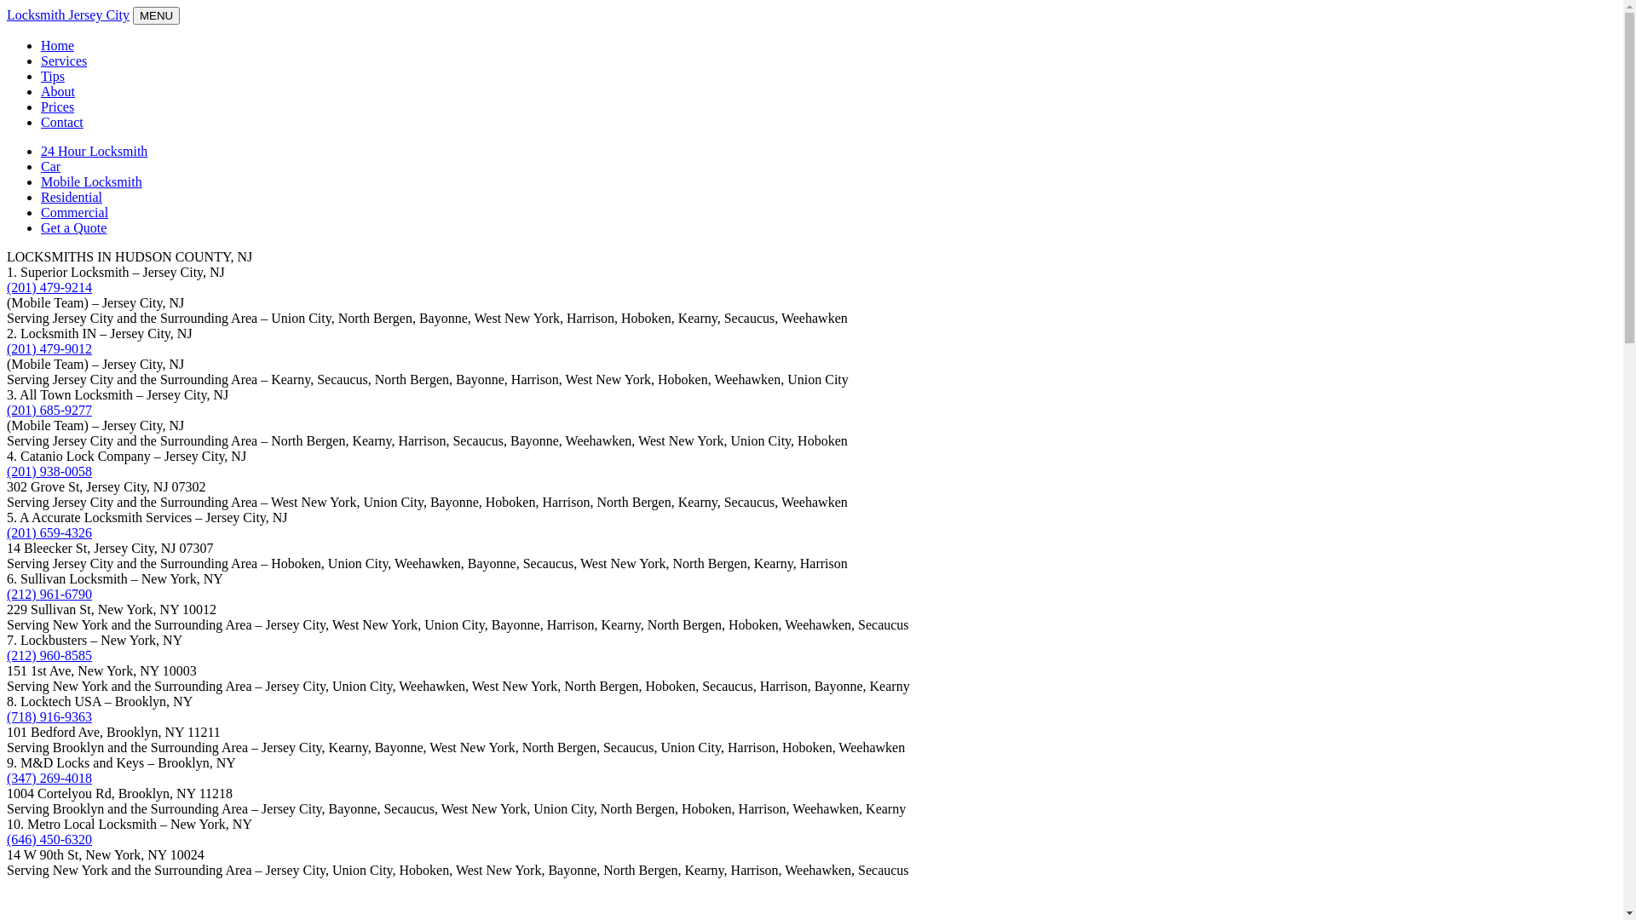 This screenshot has height=920, width=1636. What do you see at coordinates (61, 121) in the screenshot?
I see `'Contact'` at bounding box center [61, 121].